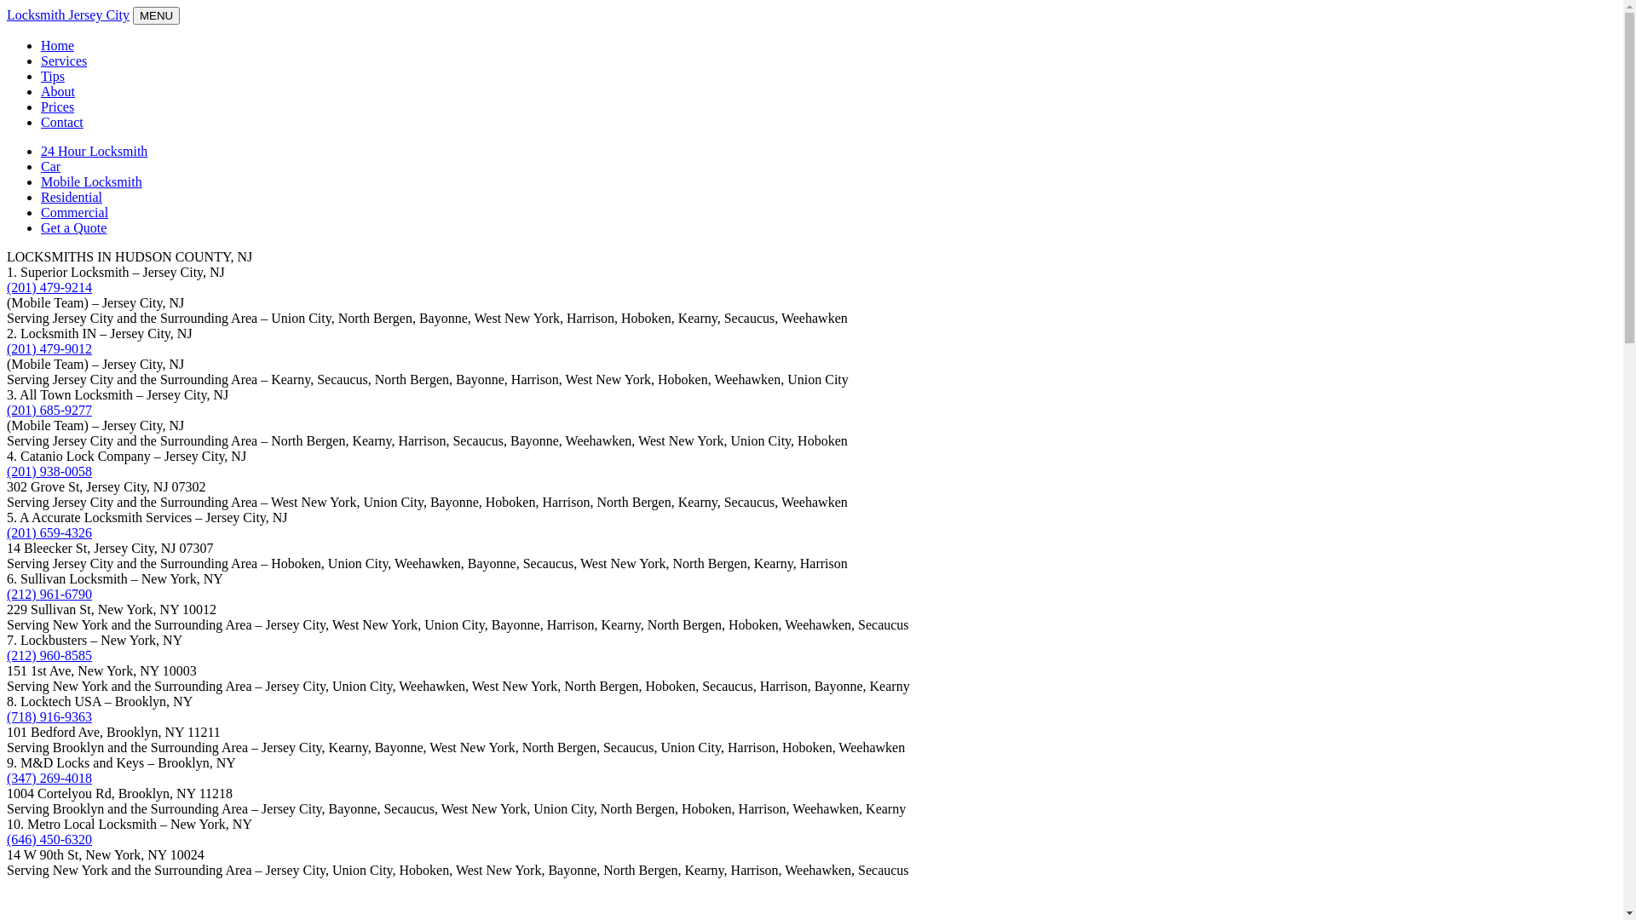 This screenshot has height=920, width=1636. What do you see at coordinates (61, 121) in the screenshot?
I see `'Contact'` at bounding box center [61, 121].